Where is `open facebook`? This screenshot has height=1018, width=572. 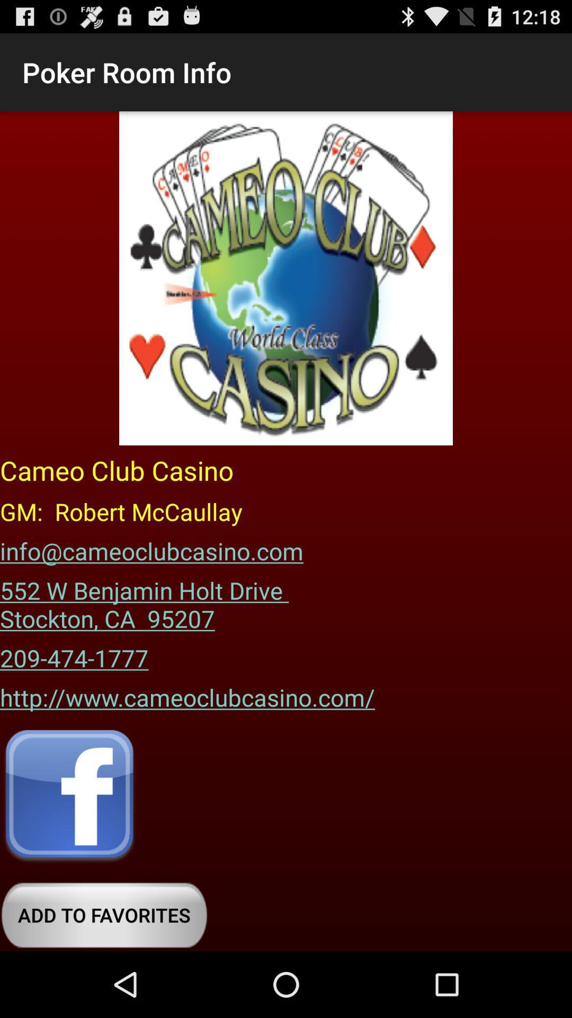 open facebook is located at coordinates (69, 796).